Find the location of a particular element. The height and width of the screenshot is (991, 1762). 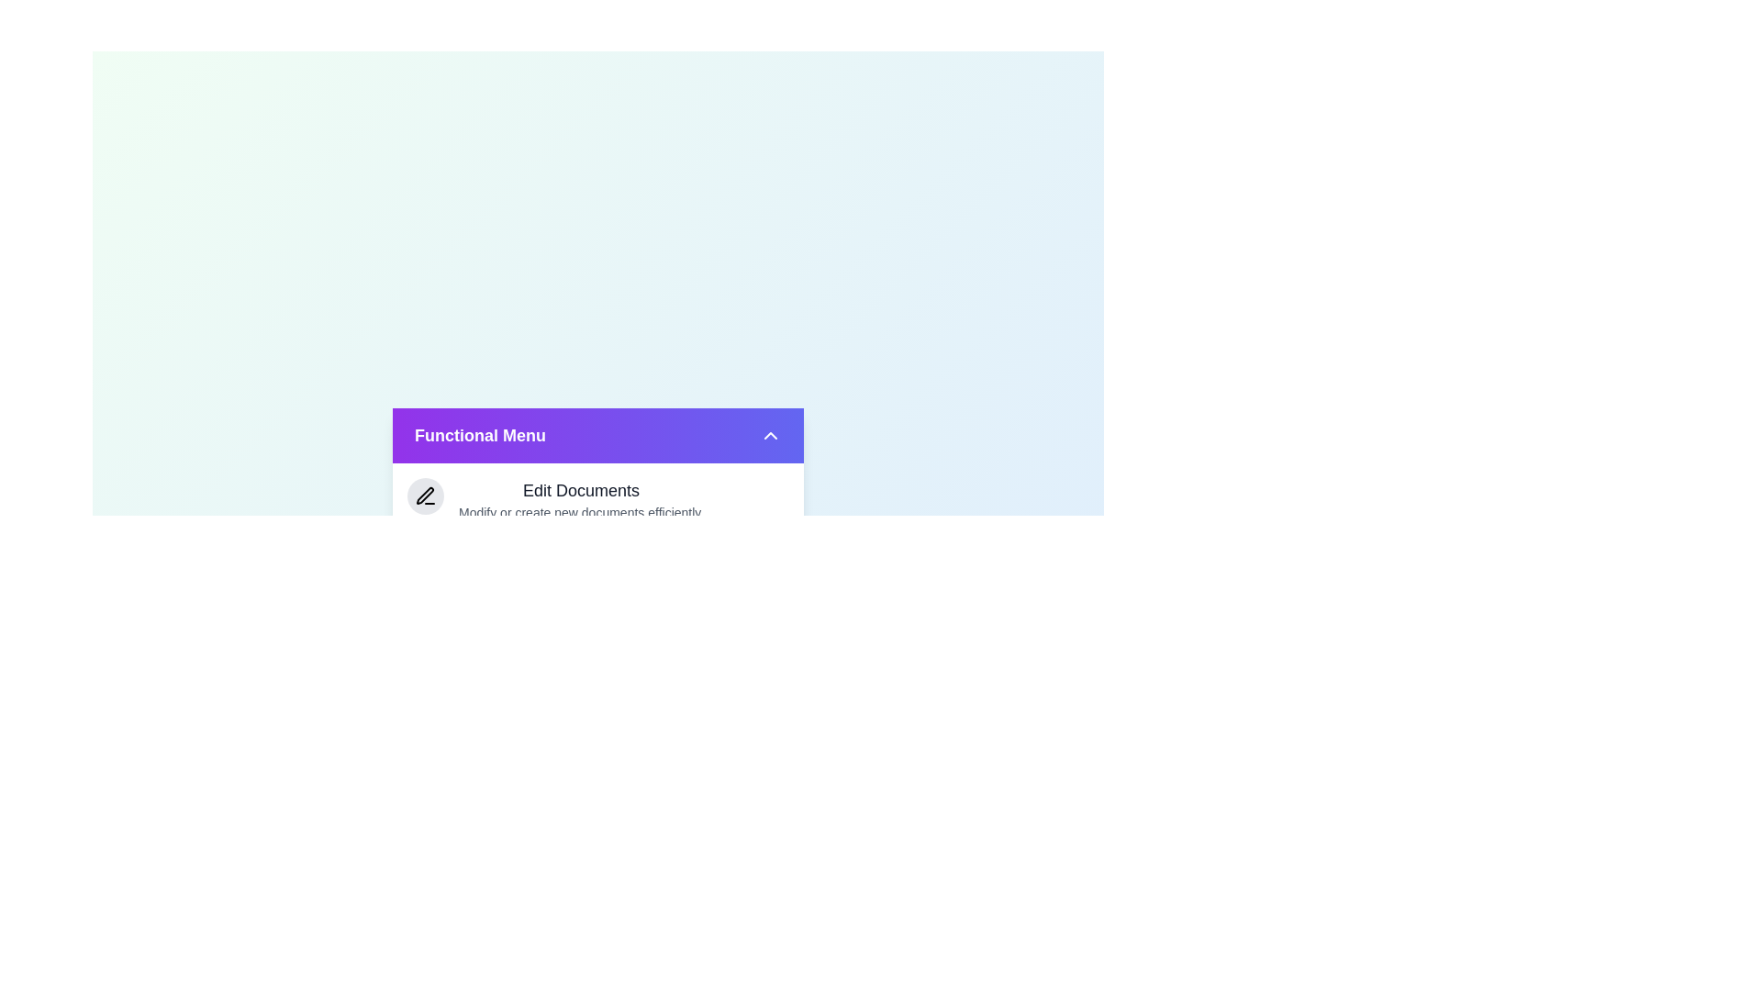

the menu item Edit Documents from the list is located at coordinates (598, 499).